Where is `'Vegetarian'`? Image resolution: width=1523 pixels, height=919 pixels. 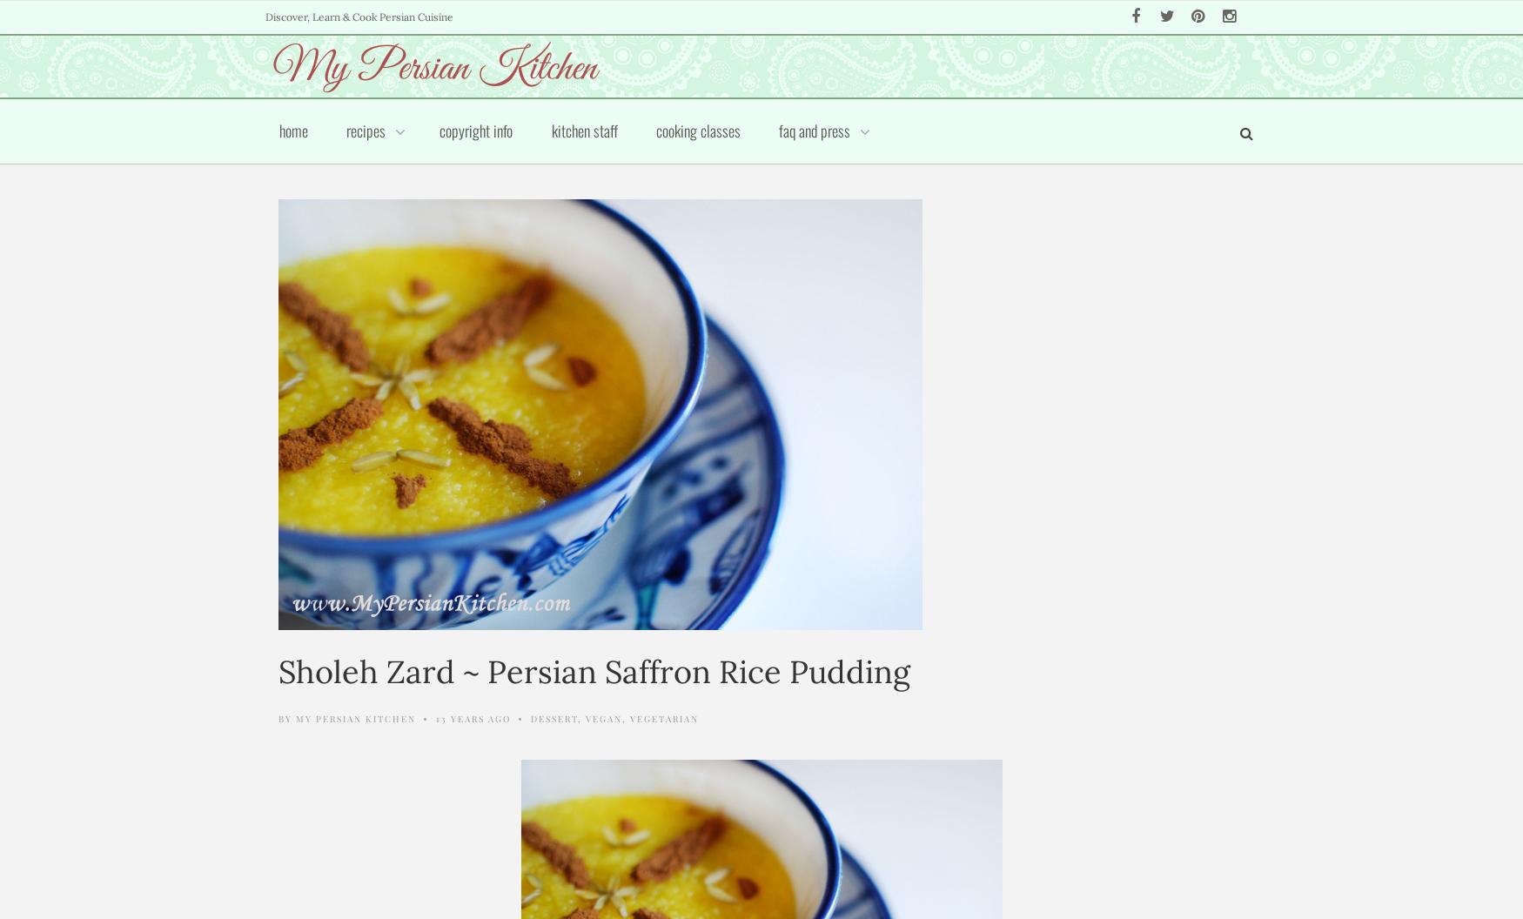
'Vegetarian' is located at coordinates (629, 719).